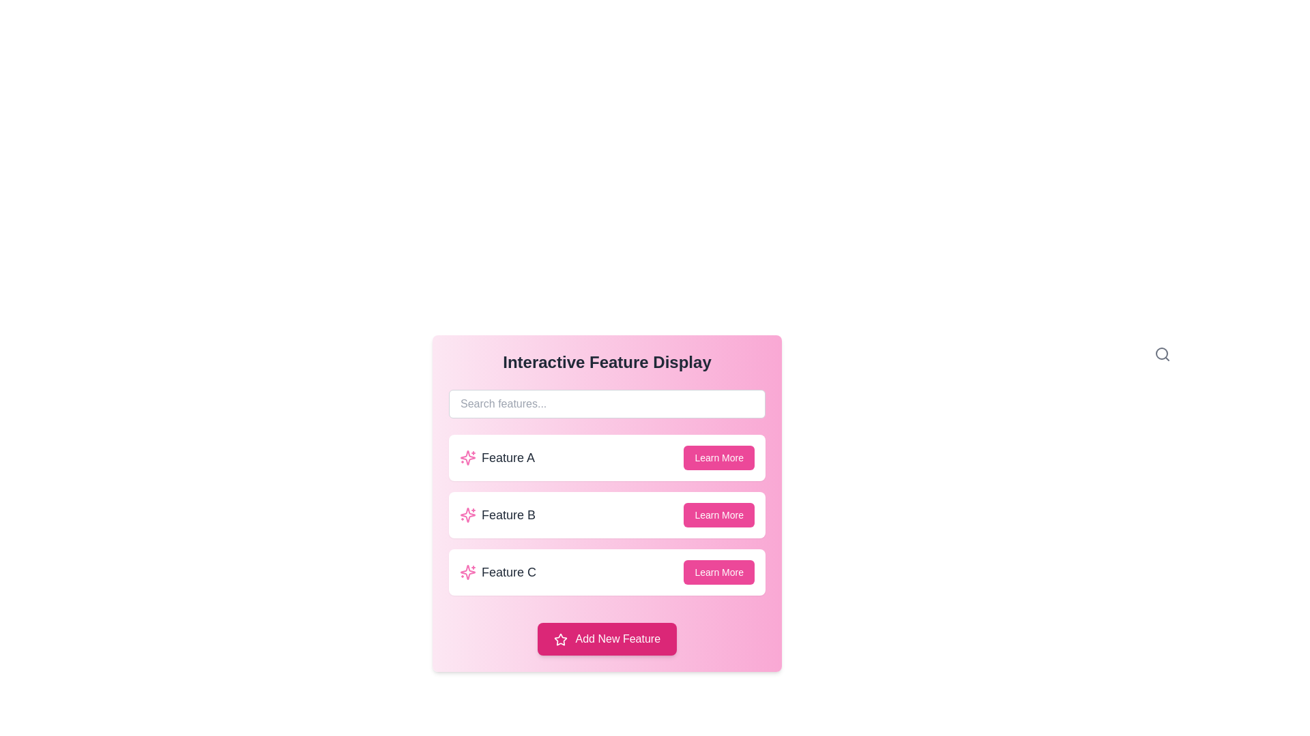 This screenshot has width=1310, height=736. What do you see at coordinates (718, 572) in the screenshot?
I see `the button located in the bottom right corner of the 'Feature C' card` at bounding box center [718, 572].